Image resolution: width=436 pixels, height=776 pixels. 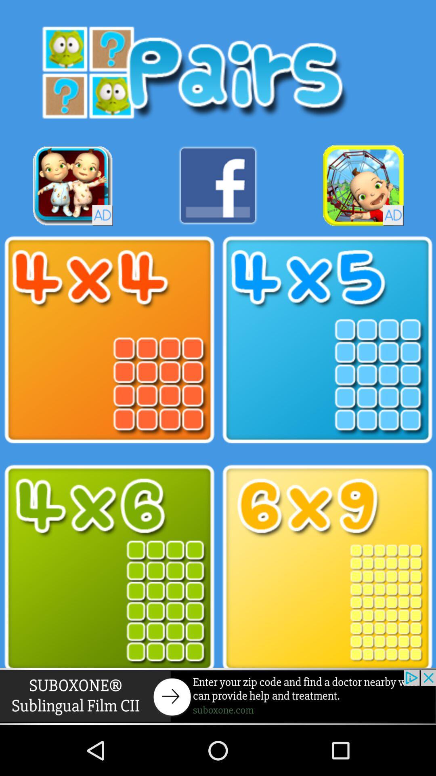 What do you see at coordinates (218, 696) in the screenshot?
I see `advertisement banner` at bounding box center [218, 696].